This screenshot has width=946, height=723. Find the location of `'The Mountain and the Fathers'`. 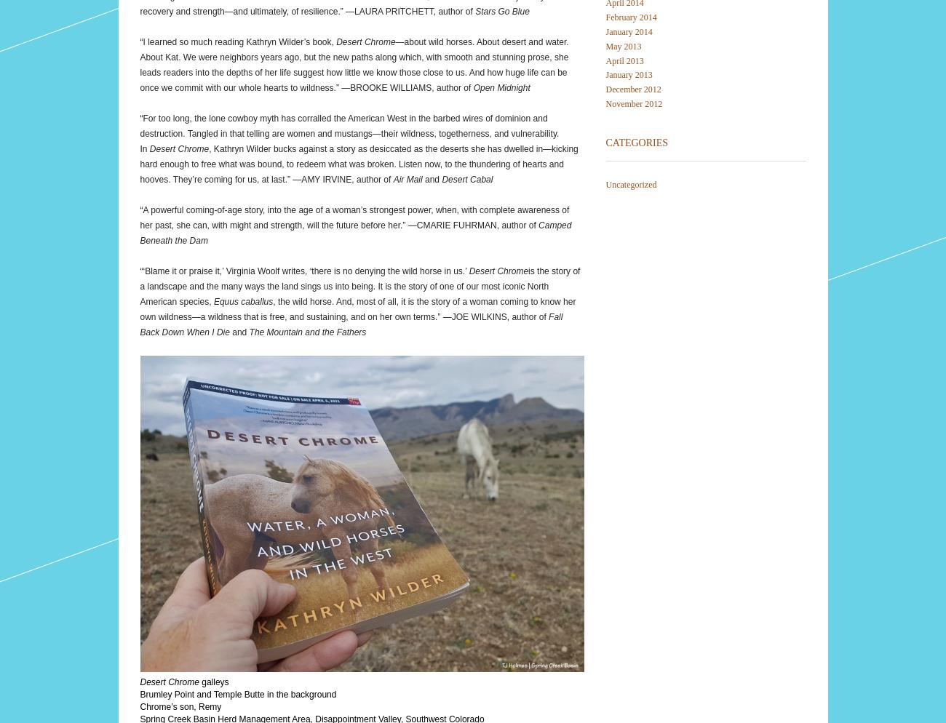

'The Mountain and the Fathers' is located at coordinates (307, 332).